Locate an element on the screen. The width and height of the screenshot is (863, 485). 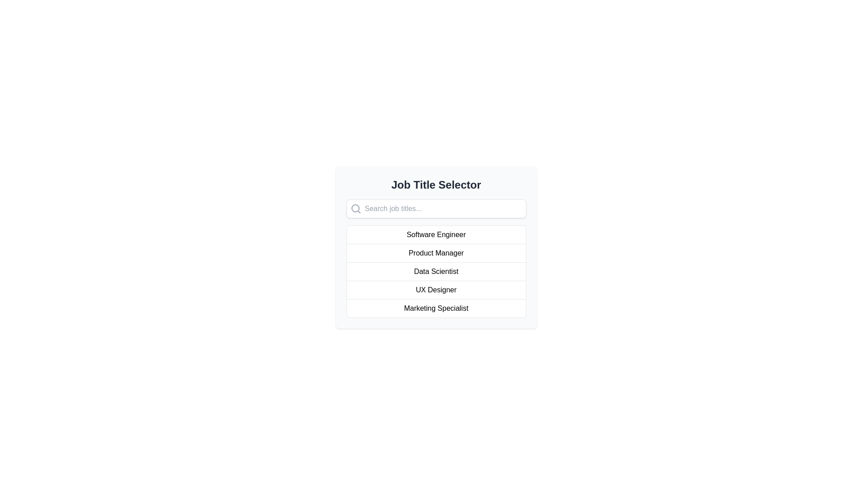
the magnifying glass icon located to the left of the search field within the search bar interface is located at coordinates (355, 209).